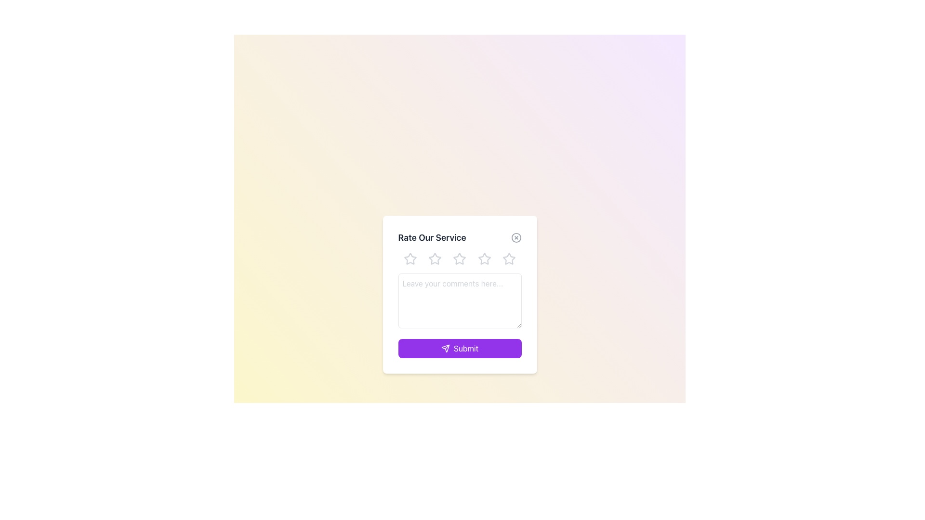 The width and height of the screenshot is (925, 520). Describe the element at coordinates (435, 258) in the screenshot. I see `the second star in the rating section below the text 'Rate Our Service'` at that location.